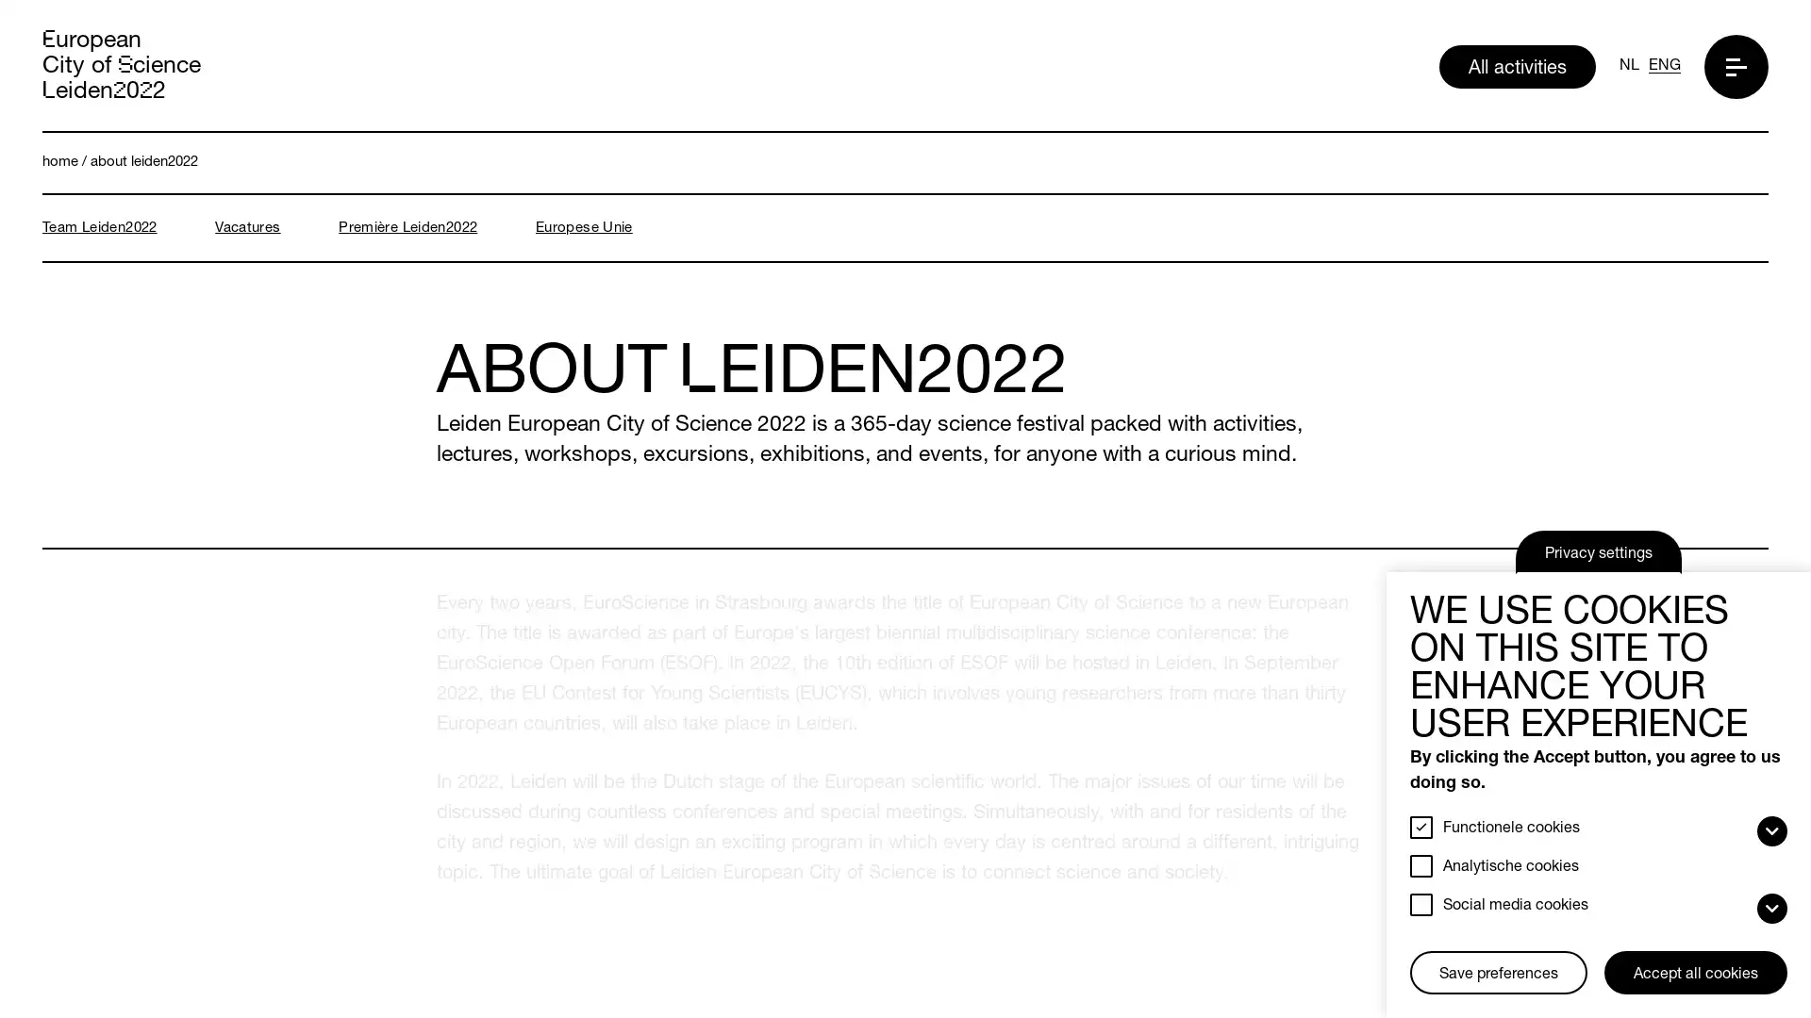 The height and width of the screenshot is (1018, 1811). Describe the element at coordinates (1696, 973) in the screenshot. I see `Accept all cookies` at that location.